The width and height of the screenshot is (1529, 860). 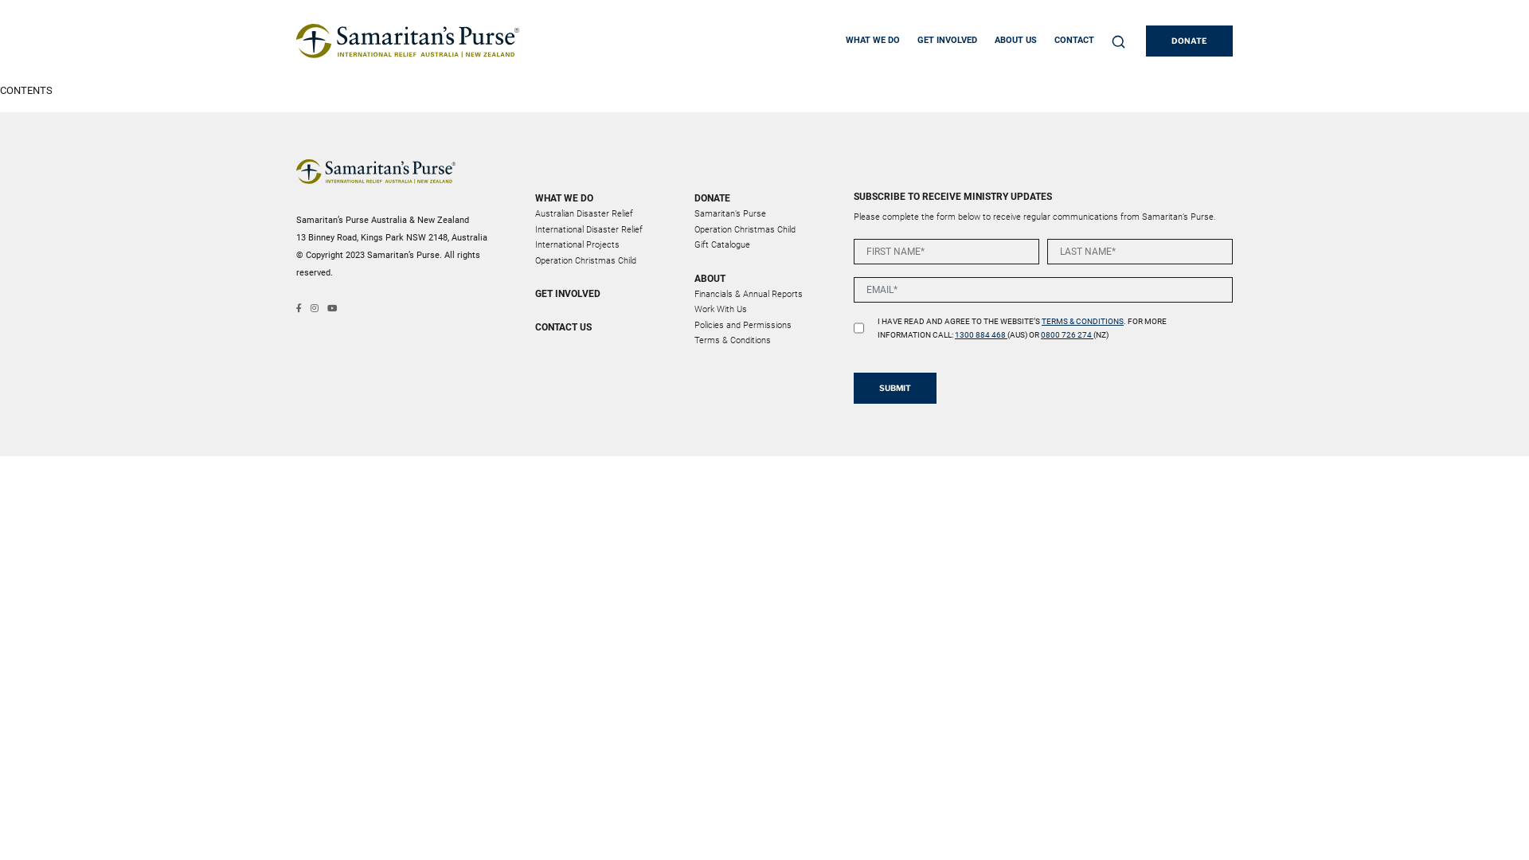 I want to click on 'DONATE', so click(x=1189, y=40).